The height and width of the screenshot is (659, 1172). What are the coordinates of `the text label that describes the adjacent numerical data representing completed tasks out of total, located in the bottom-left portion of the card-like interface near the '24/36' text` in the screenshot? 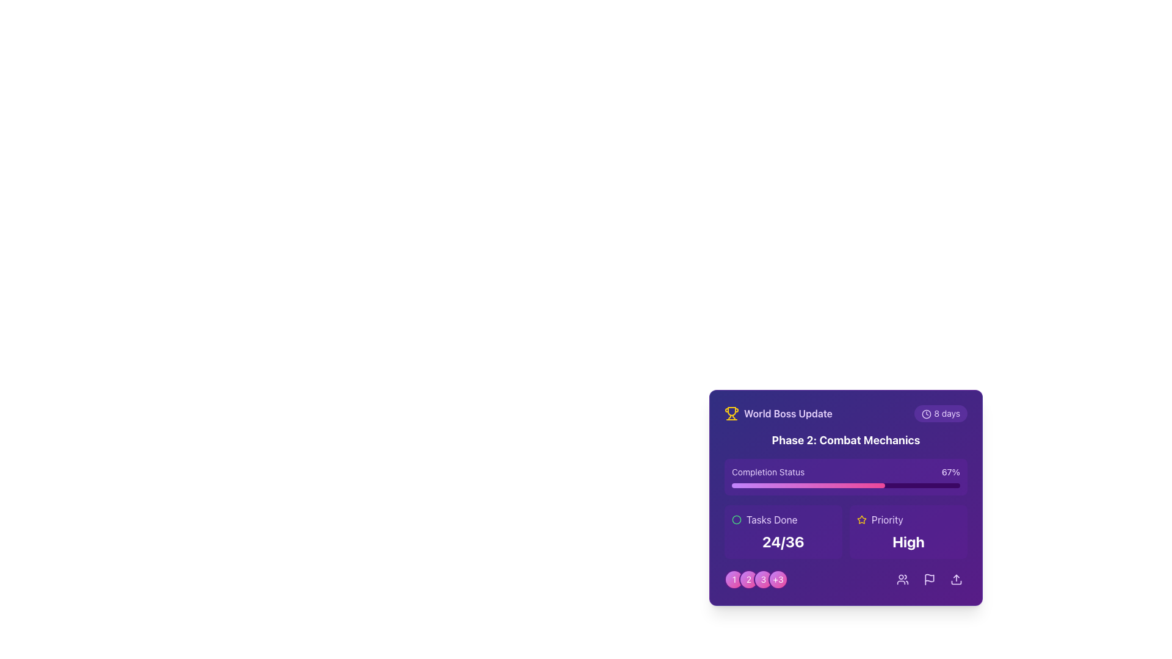 It's located at (771, 520).